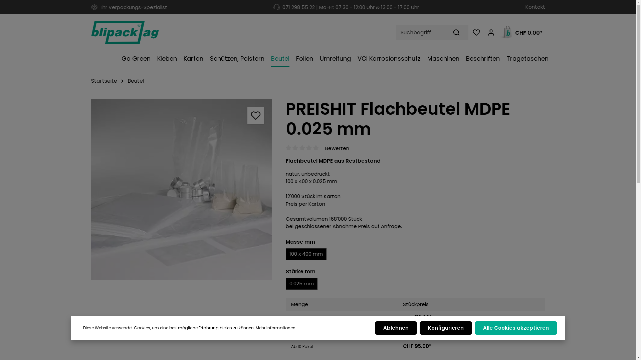 The image size is (641, 360). What do you see at coordinates (483, 58) in the screenshot?
I see `'Beschriften'` at bounding box center [483, 58].